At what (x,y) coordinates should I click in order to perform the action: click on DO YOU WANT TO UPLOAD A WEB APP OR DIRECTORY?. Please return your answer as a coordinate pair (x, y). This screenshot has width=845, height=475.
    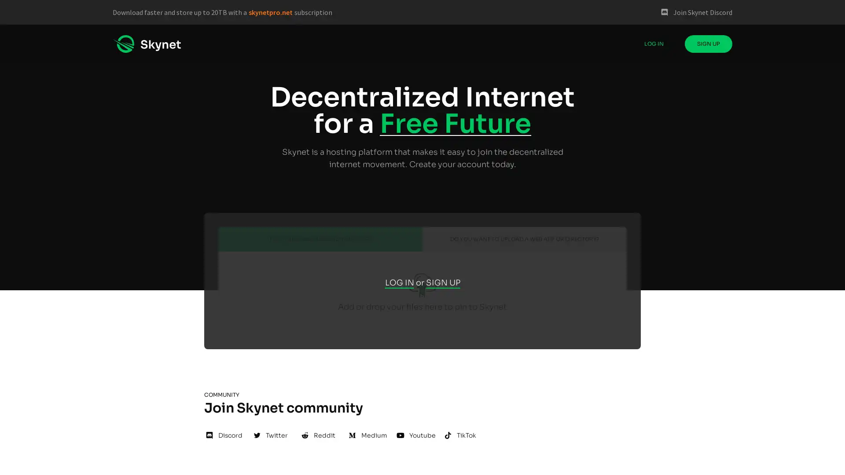
    Looking at the image, I should click on (524, 239).